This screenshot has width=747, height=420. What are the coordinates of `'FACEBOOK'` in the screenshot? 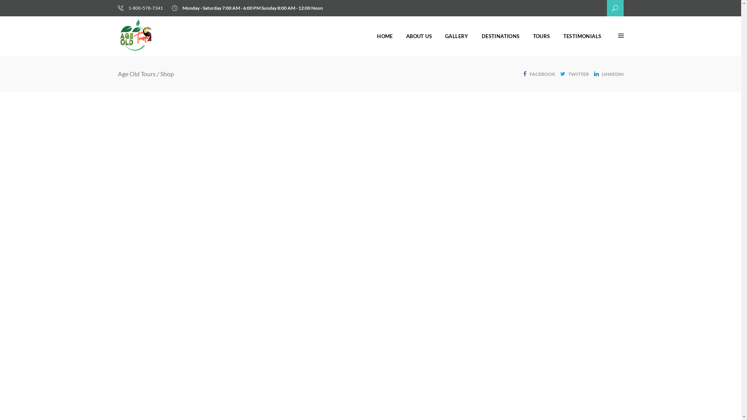 It's located at (538, 73).